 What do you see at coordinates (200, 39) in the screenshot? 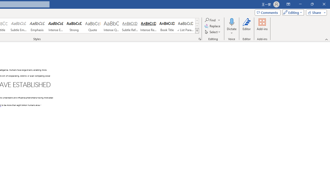
I see `'Styles...'` at bounding box center [200, 39].